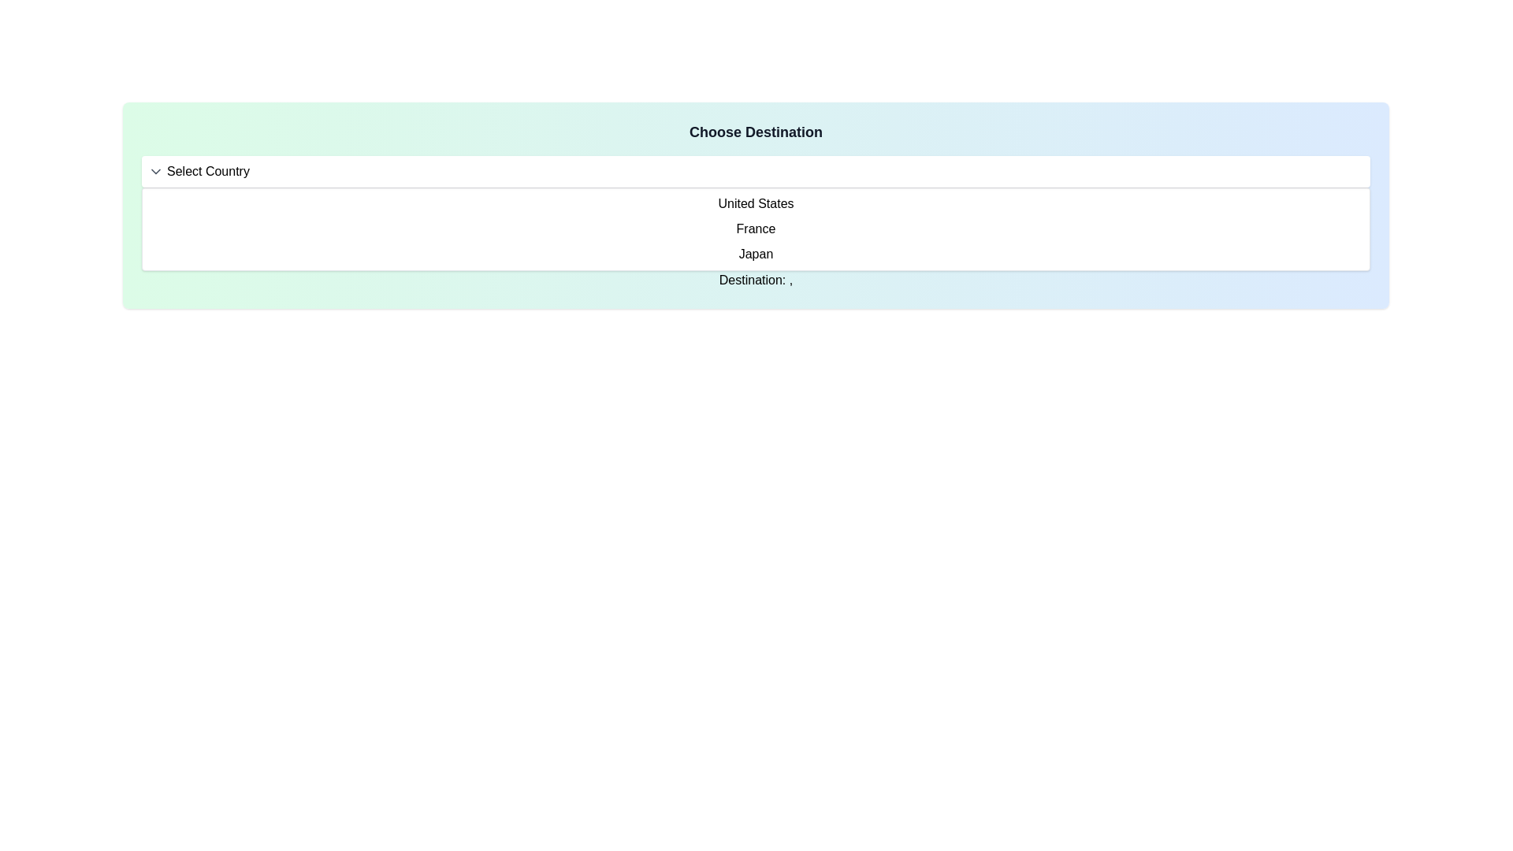 The width and height of the screenshot is (1513, 851). Describe the element at coordinates (207, 172) in the screenshot. I see `the text label for the dropdown component` at that location.